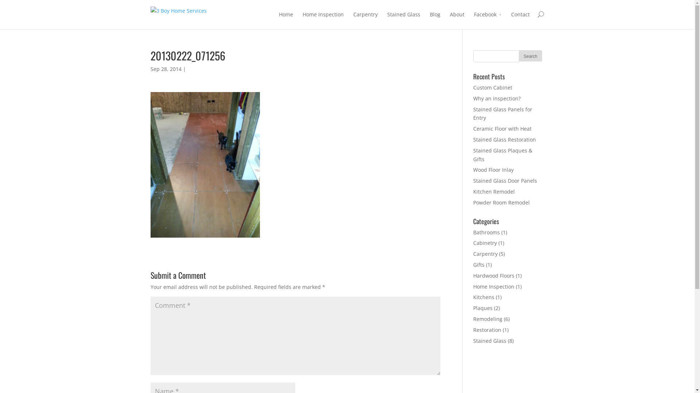 The width and height of the screenshot is (700, 393). I want to click on 'Blog', so click(435, 19).